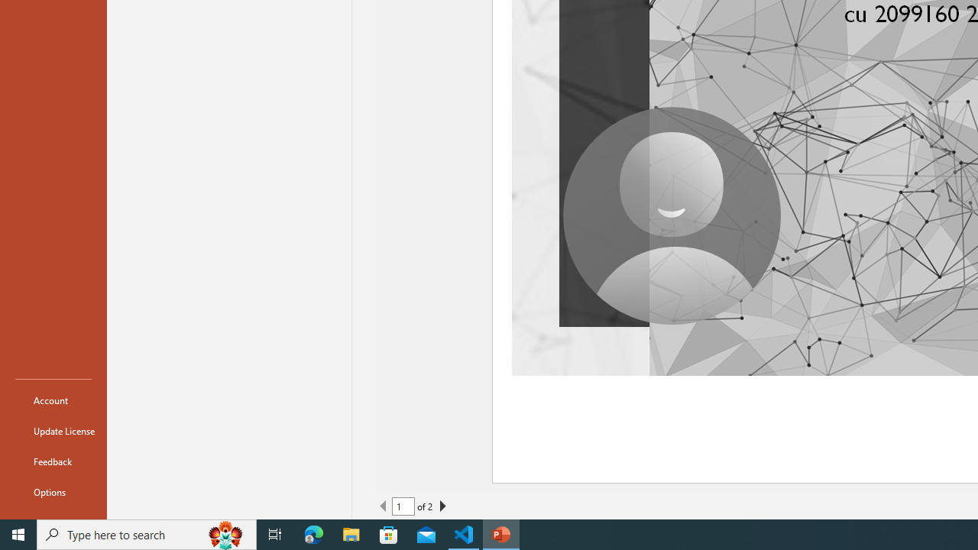  Describe the element at coordinates (403, 506) in the screenshot. I see `'Current Page'` at that location.